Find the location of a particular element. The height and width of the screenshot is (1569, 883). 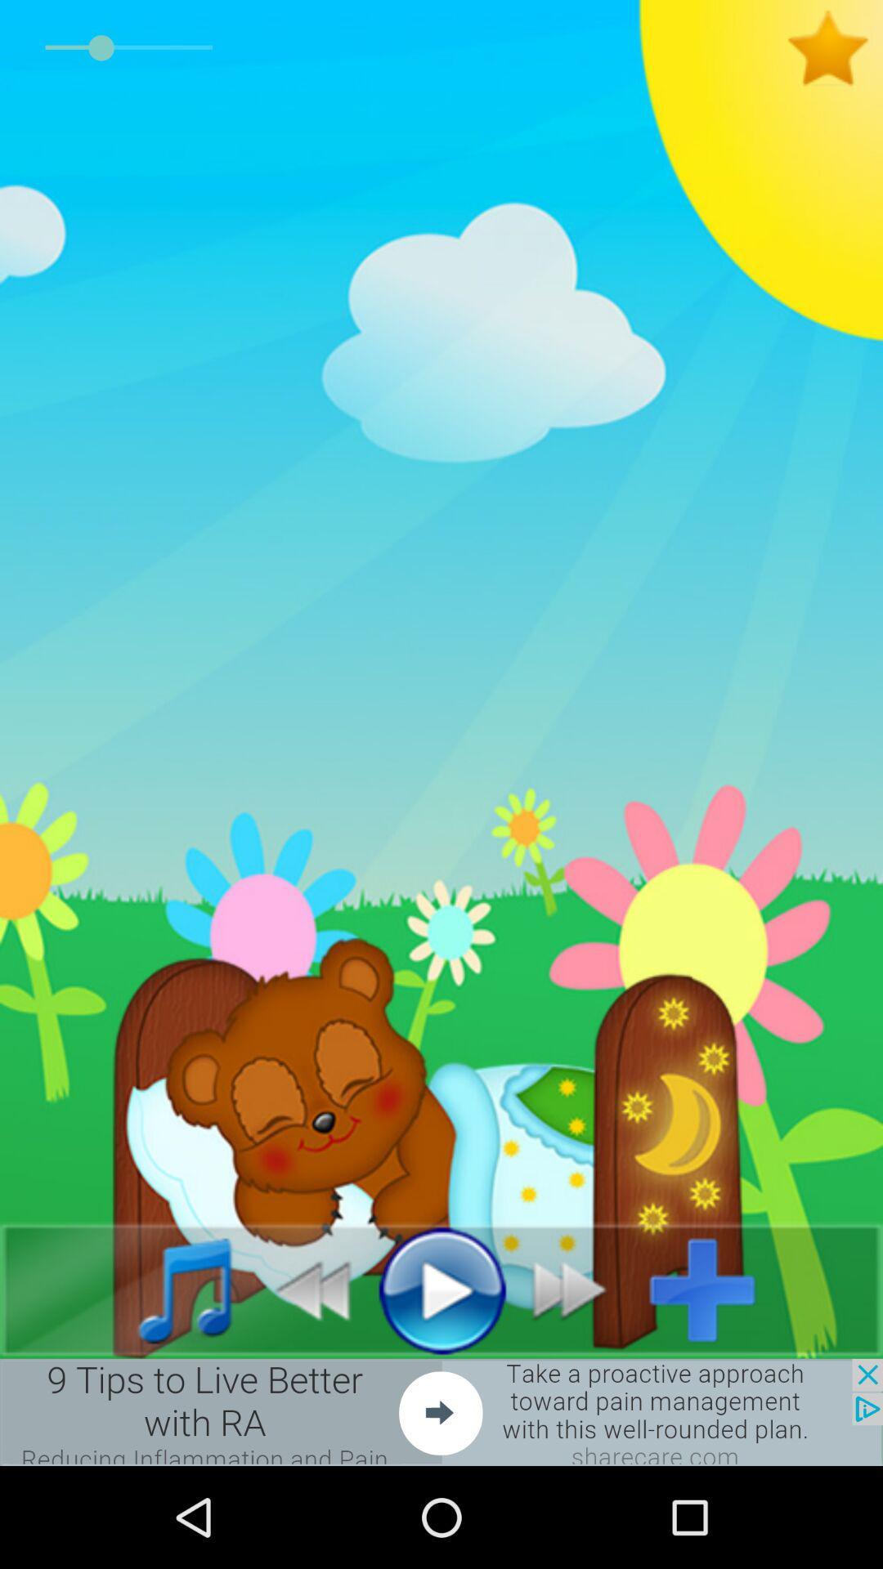

music is located at coordinates (167, 1289).